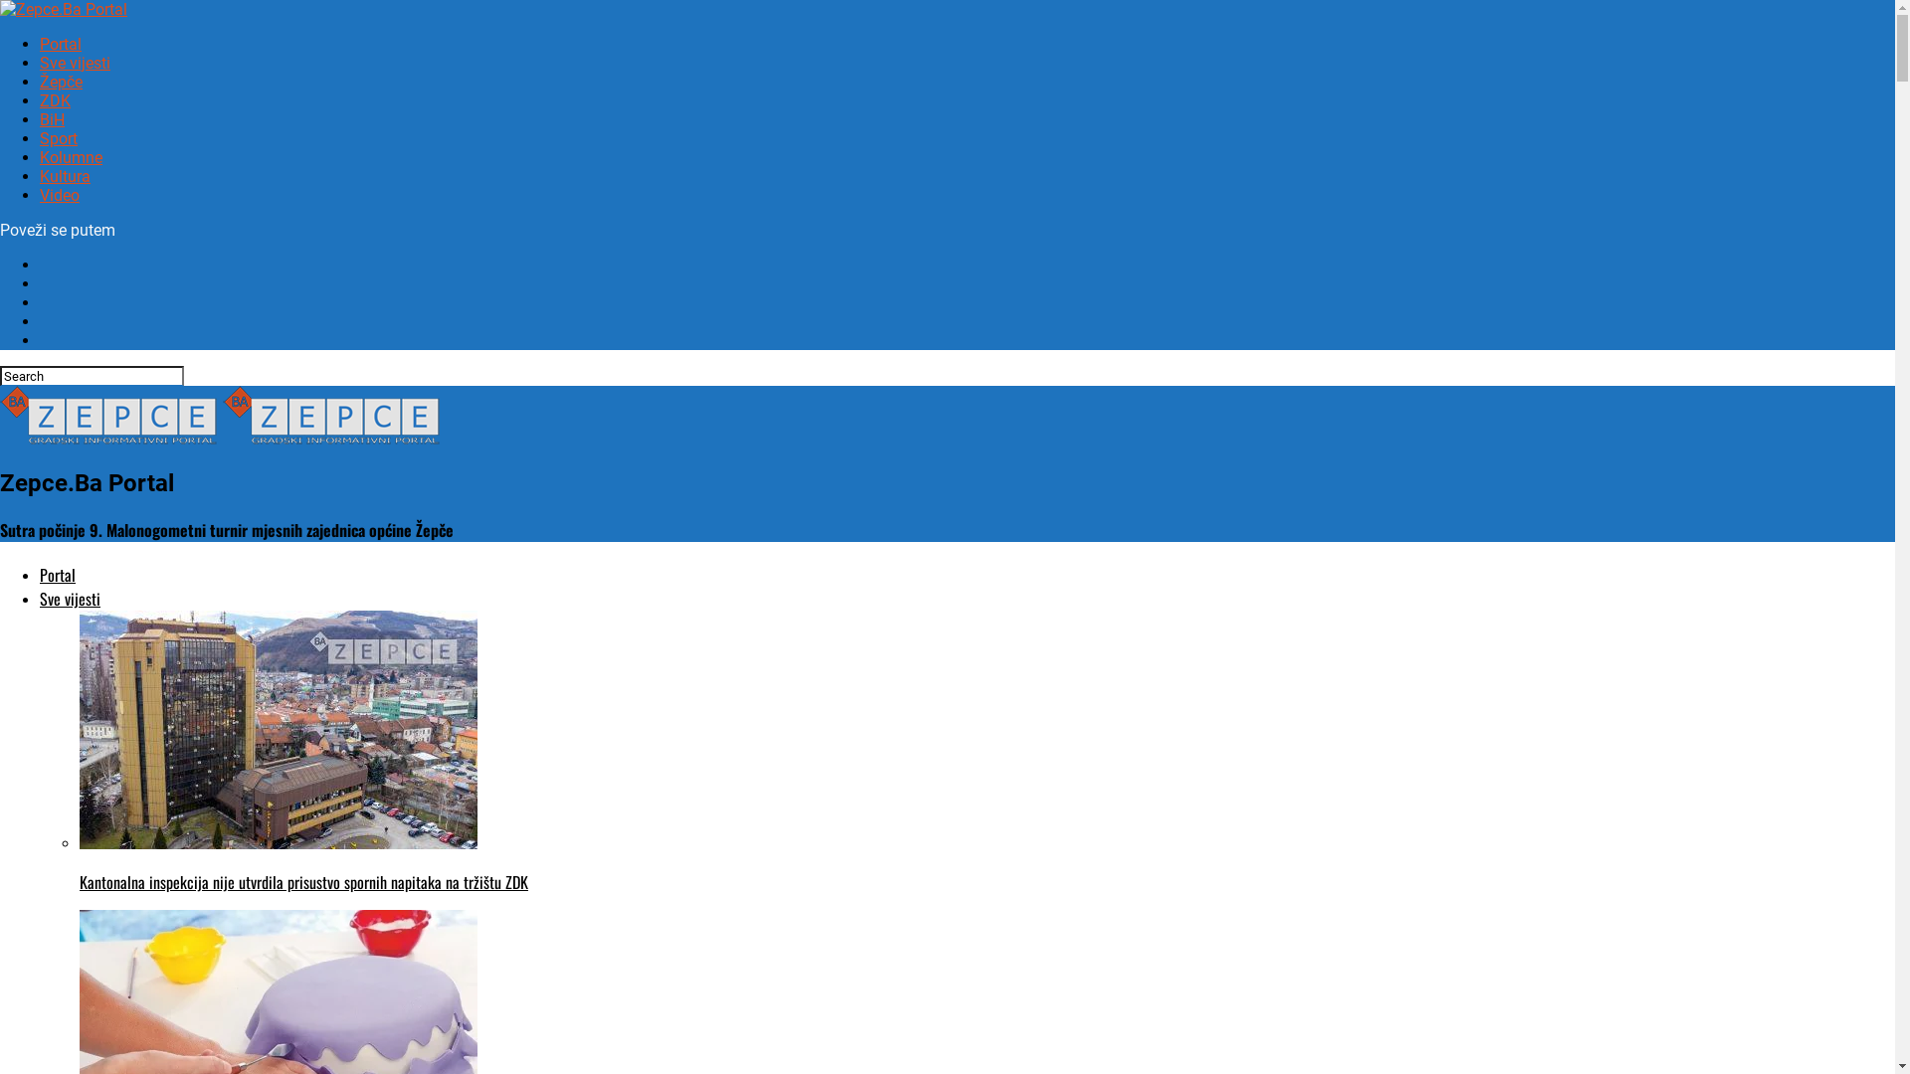 This screenshot has width=1910, height=1074. What do you see at coordinates (71, 156) in the screenshot?
I see `'Kolumne'` at bounding box center [71, 156].